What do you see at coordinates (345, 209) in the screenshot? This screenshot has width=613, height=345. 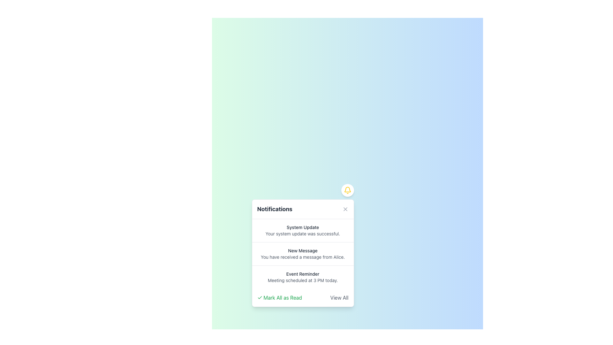 I see `the close button (styled as an 'X') in the top-right corner of the Notifications panel` at bounding box center [345, 209].